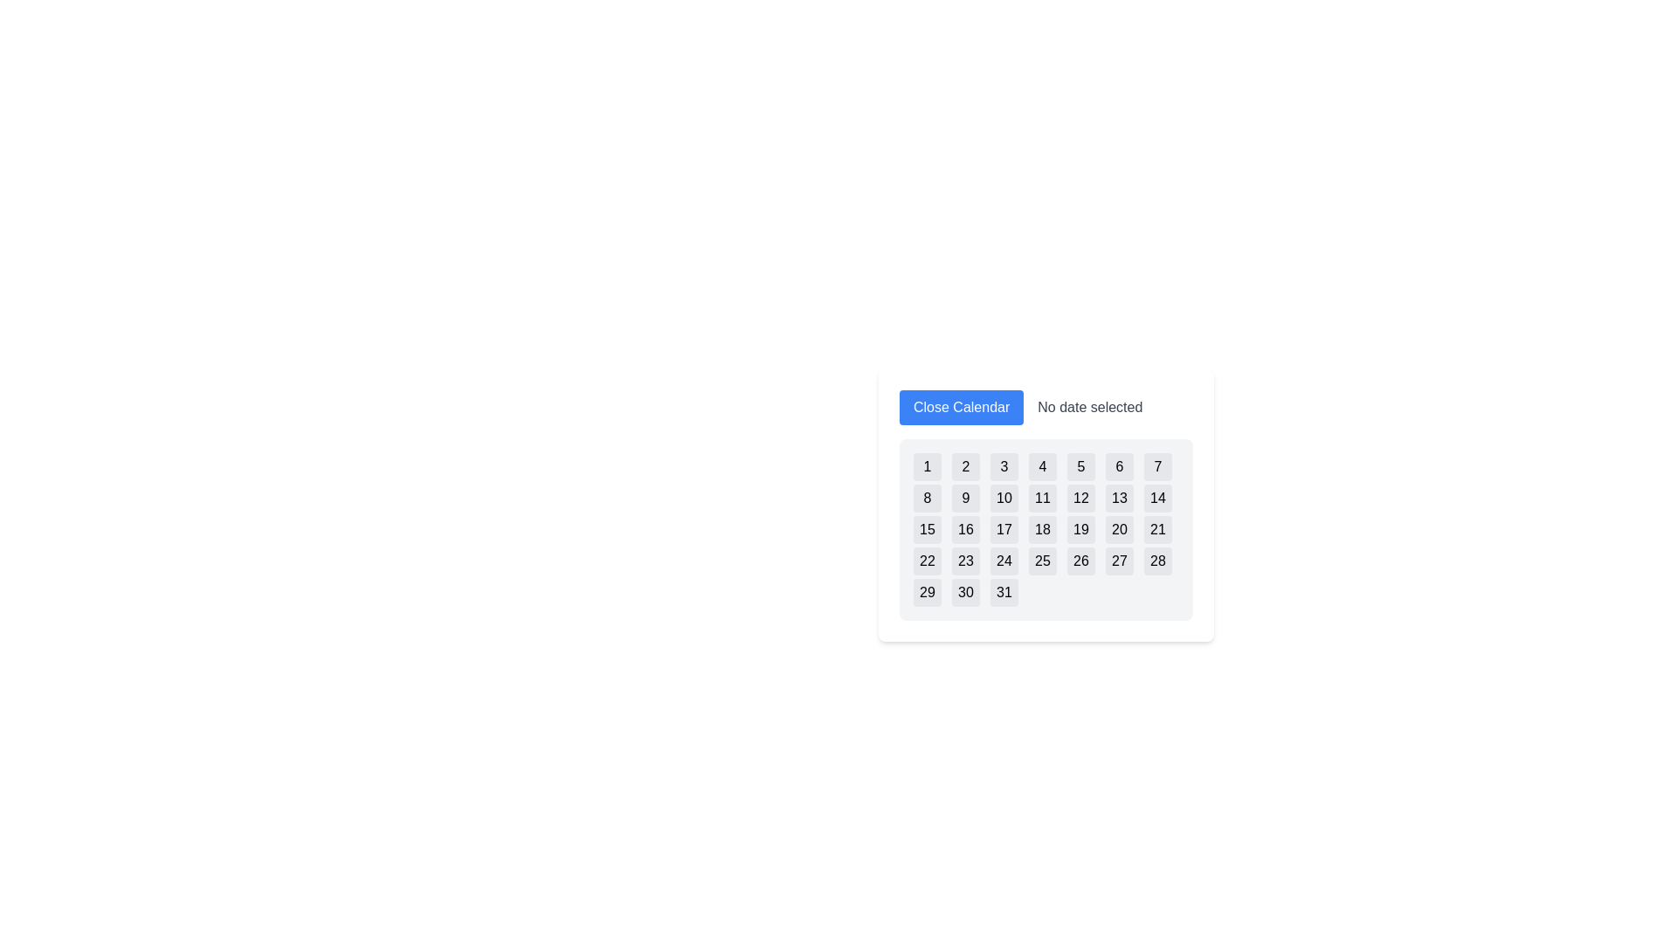  Describe the element at coordinates (1004, 561) in the screenshot. I see `the calendar day selector button located` at that location.